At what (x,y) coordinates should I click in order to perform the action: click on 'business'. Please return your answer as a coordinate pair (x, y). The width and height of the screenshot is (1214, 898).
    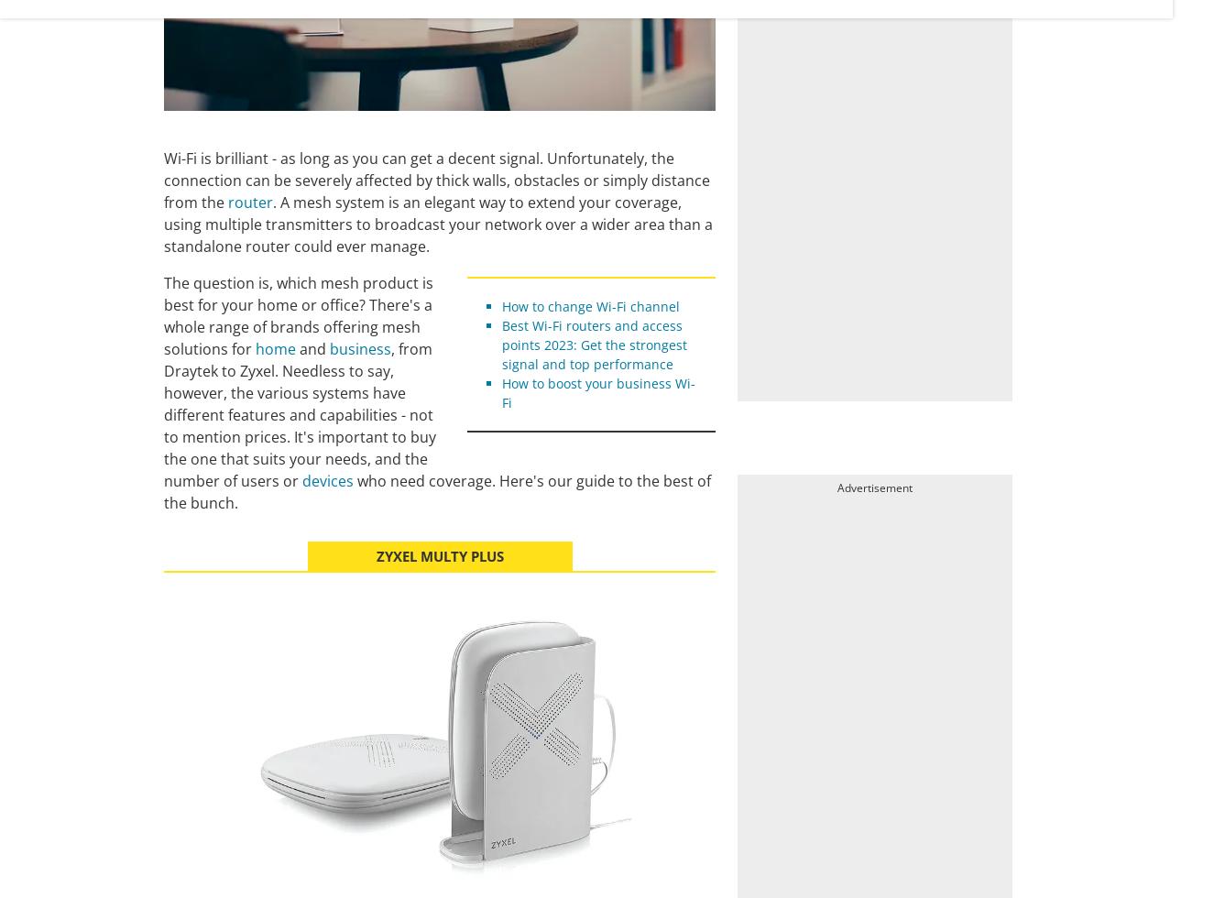
    Looking at the image, I should click on (360, 349).